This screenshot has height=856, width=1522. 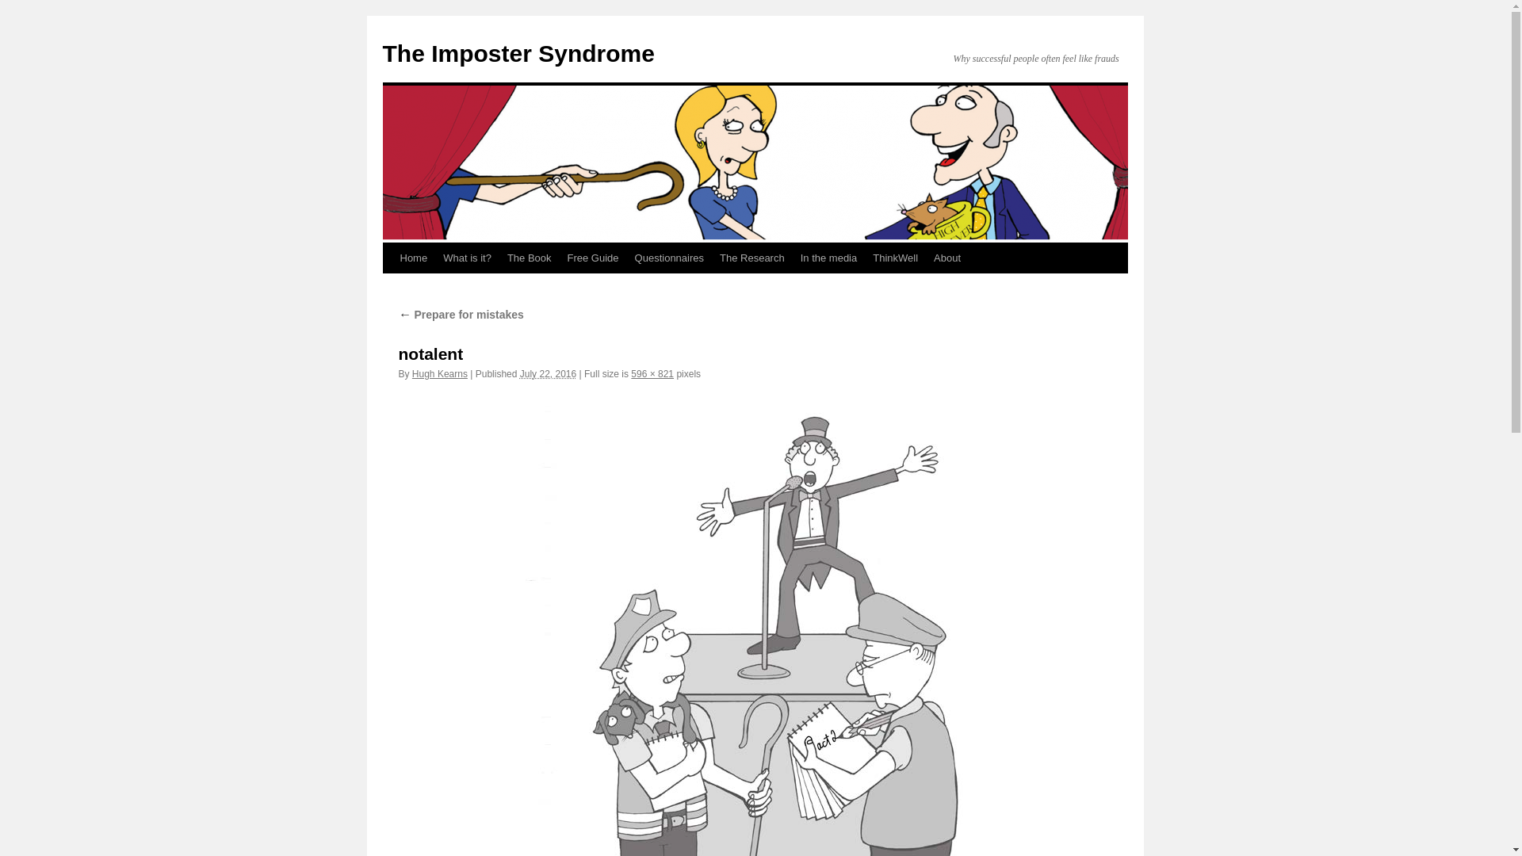 I want to click on 'Free Guide', so click(x=592, y=258).